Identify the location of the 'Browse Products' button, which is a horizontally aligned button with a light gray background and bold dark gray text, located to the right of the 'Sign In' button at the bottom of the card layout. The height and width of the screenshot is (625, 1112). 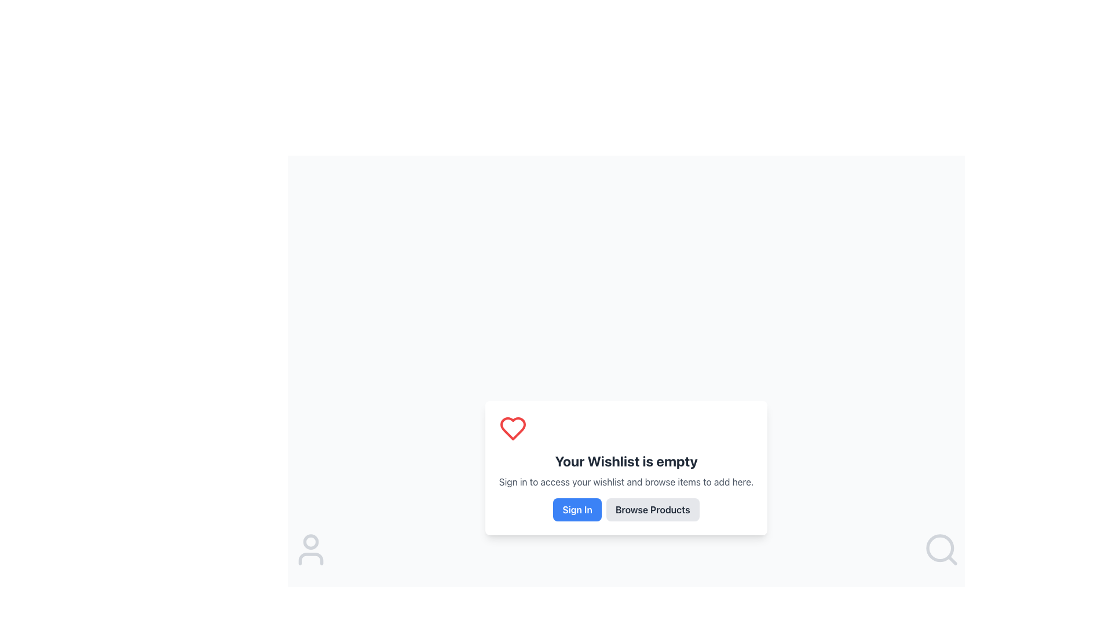
(625, 509).